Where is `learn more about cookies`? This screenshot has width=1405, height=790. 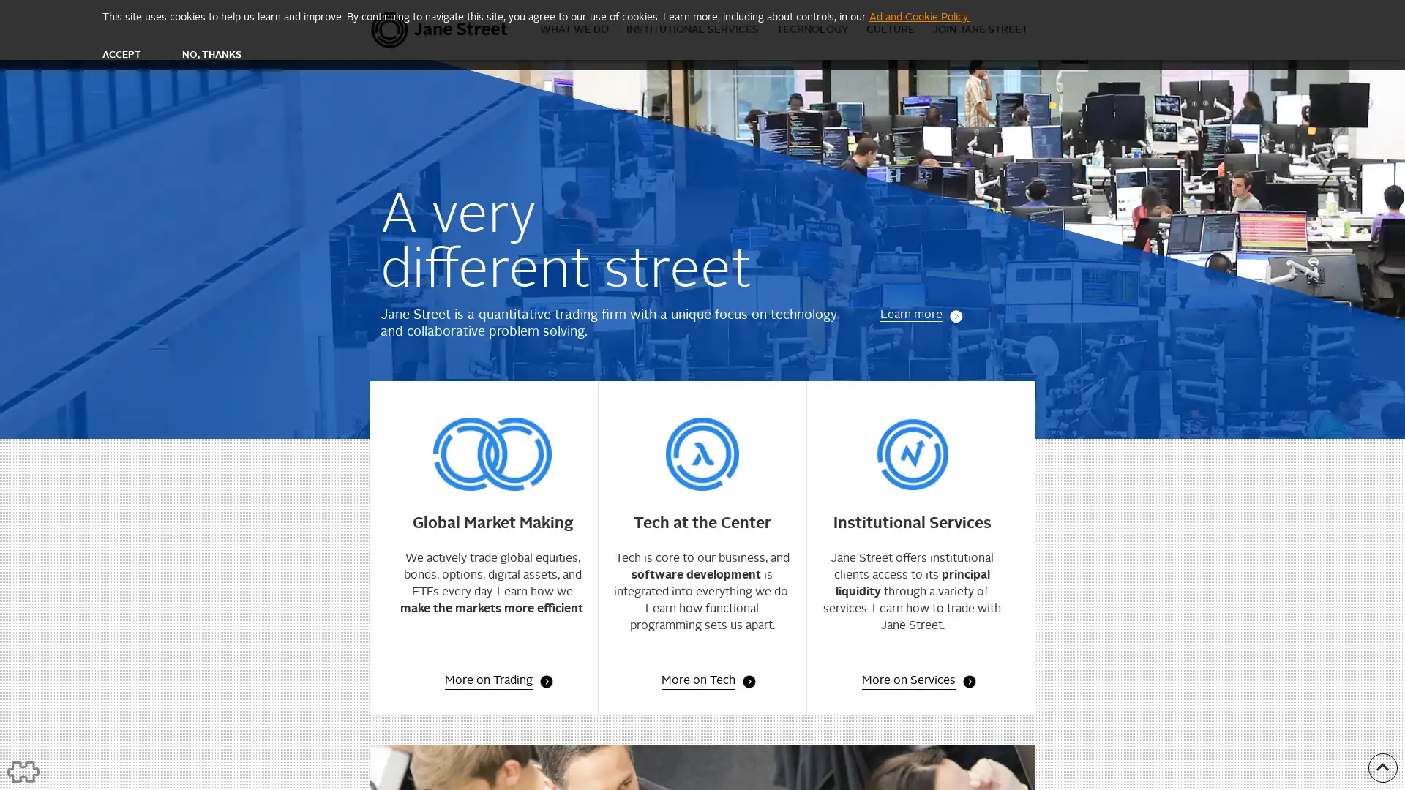 learn more about cookies is located at coordinates (918, 17).